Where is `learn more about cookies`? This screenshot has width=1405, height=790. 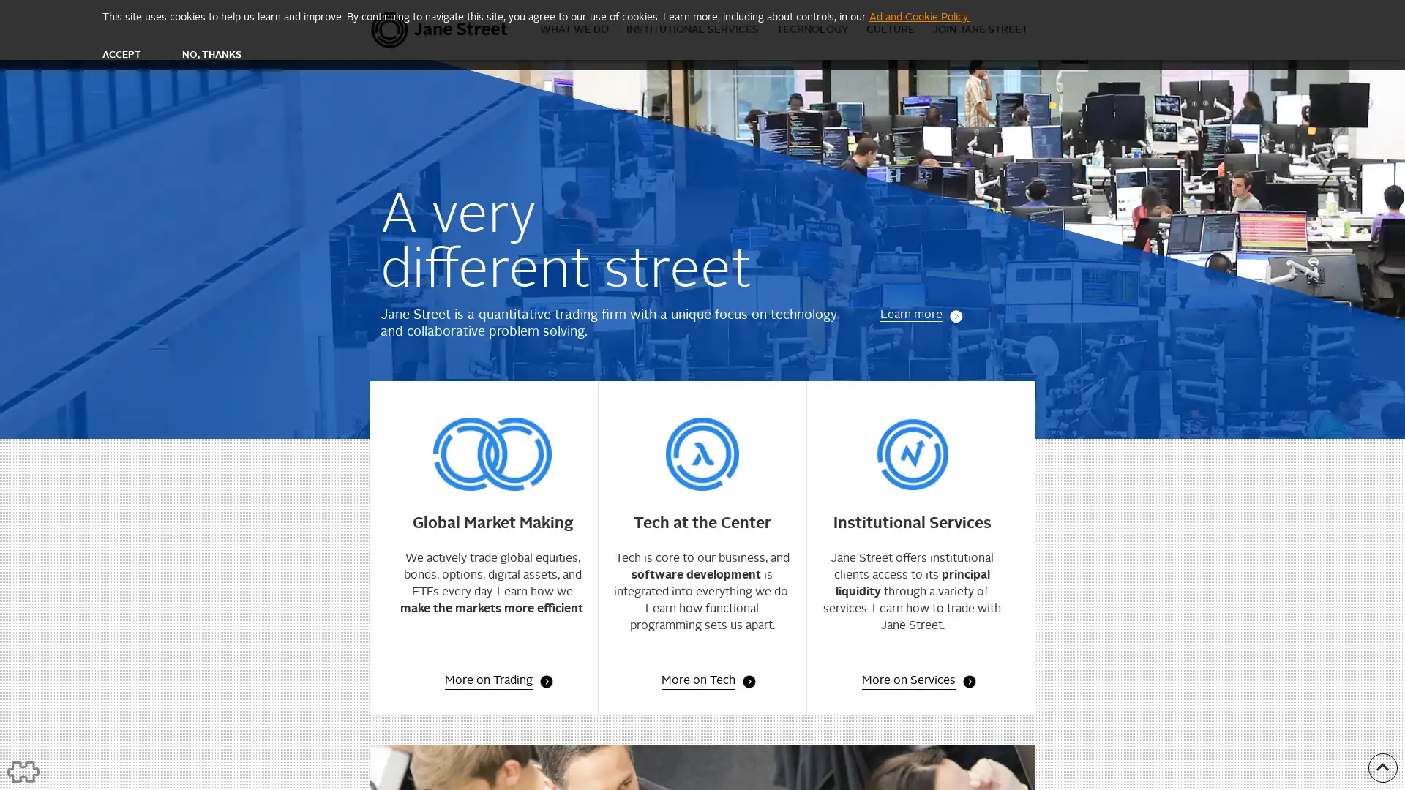 learn more about cookies is located at coordinates (918, 17).